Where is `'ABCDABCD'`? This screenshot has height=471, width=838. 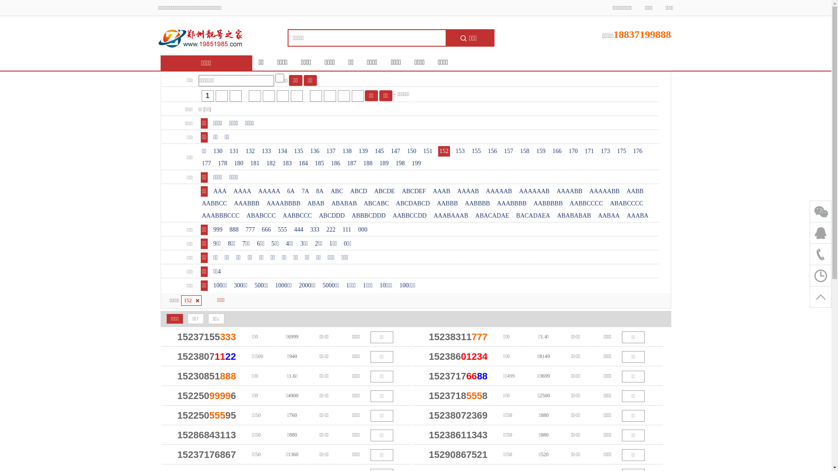
'ABCDABCD' is located at coordinates (394, 203).